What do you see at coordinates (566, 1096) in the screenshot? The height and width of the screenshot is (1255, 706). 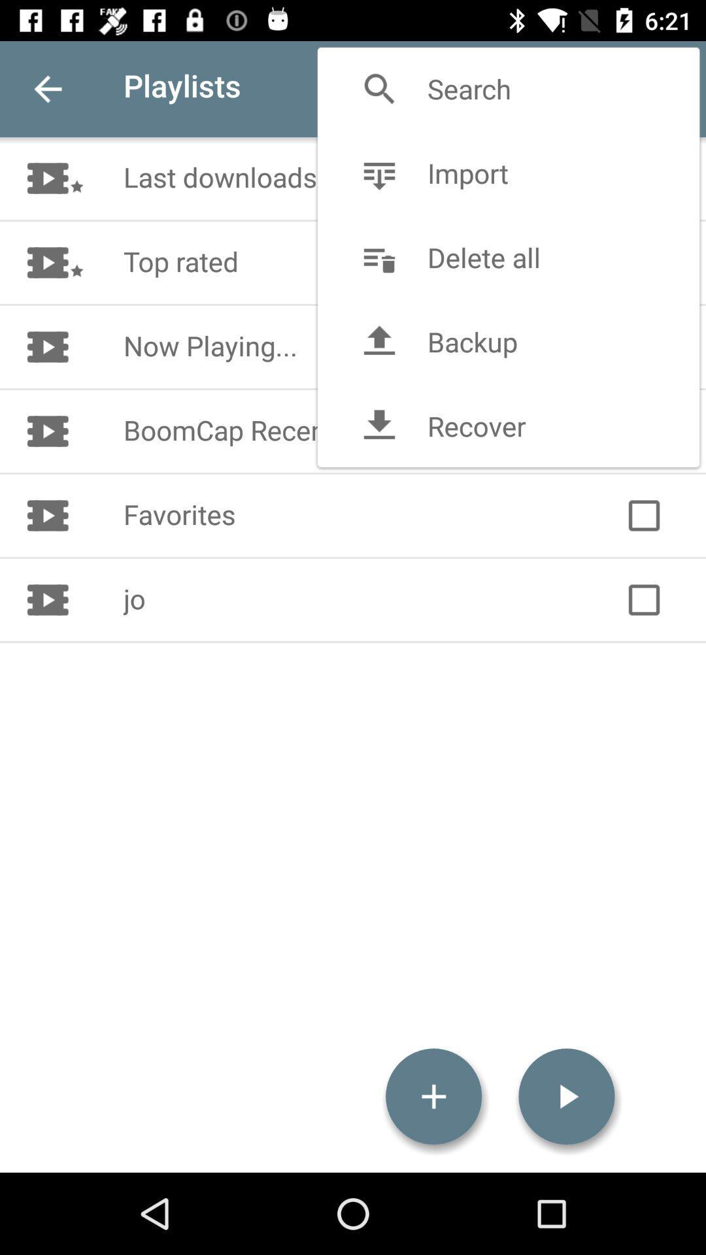 I see `the play icon` at bounding box center [566, 1096].